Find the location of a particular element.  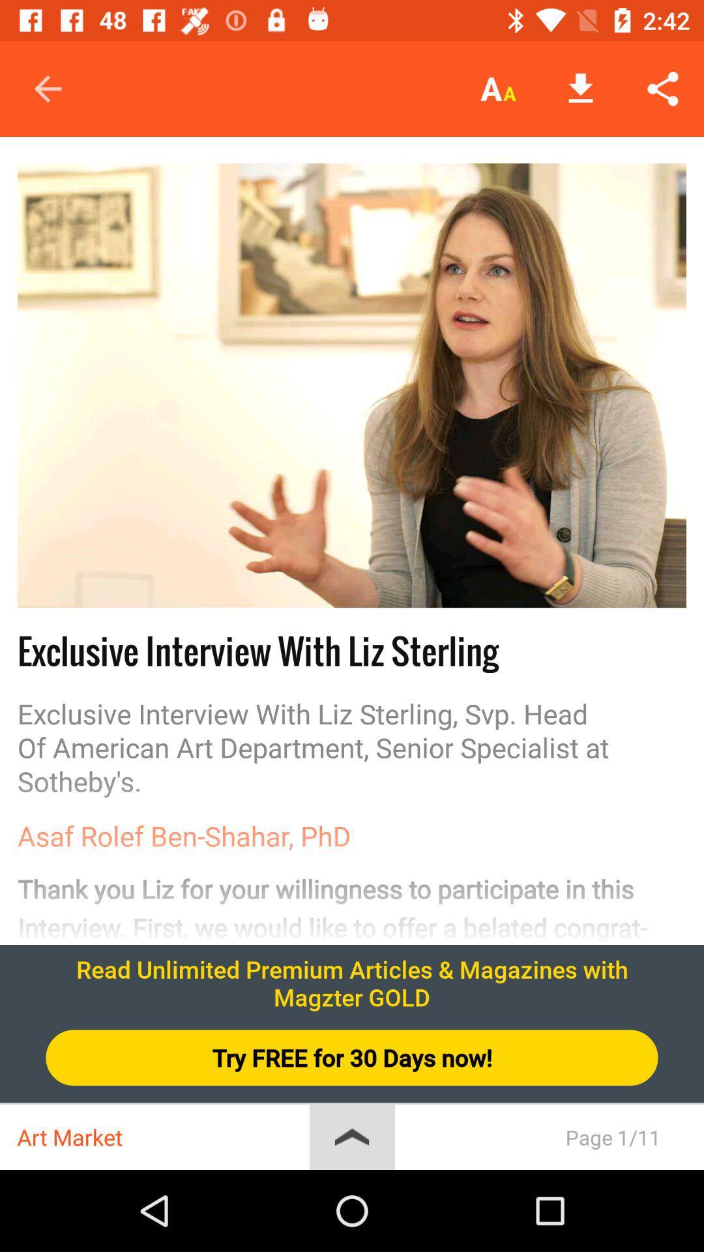

try free for item is located at coordinates (352, 1058).